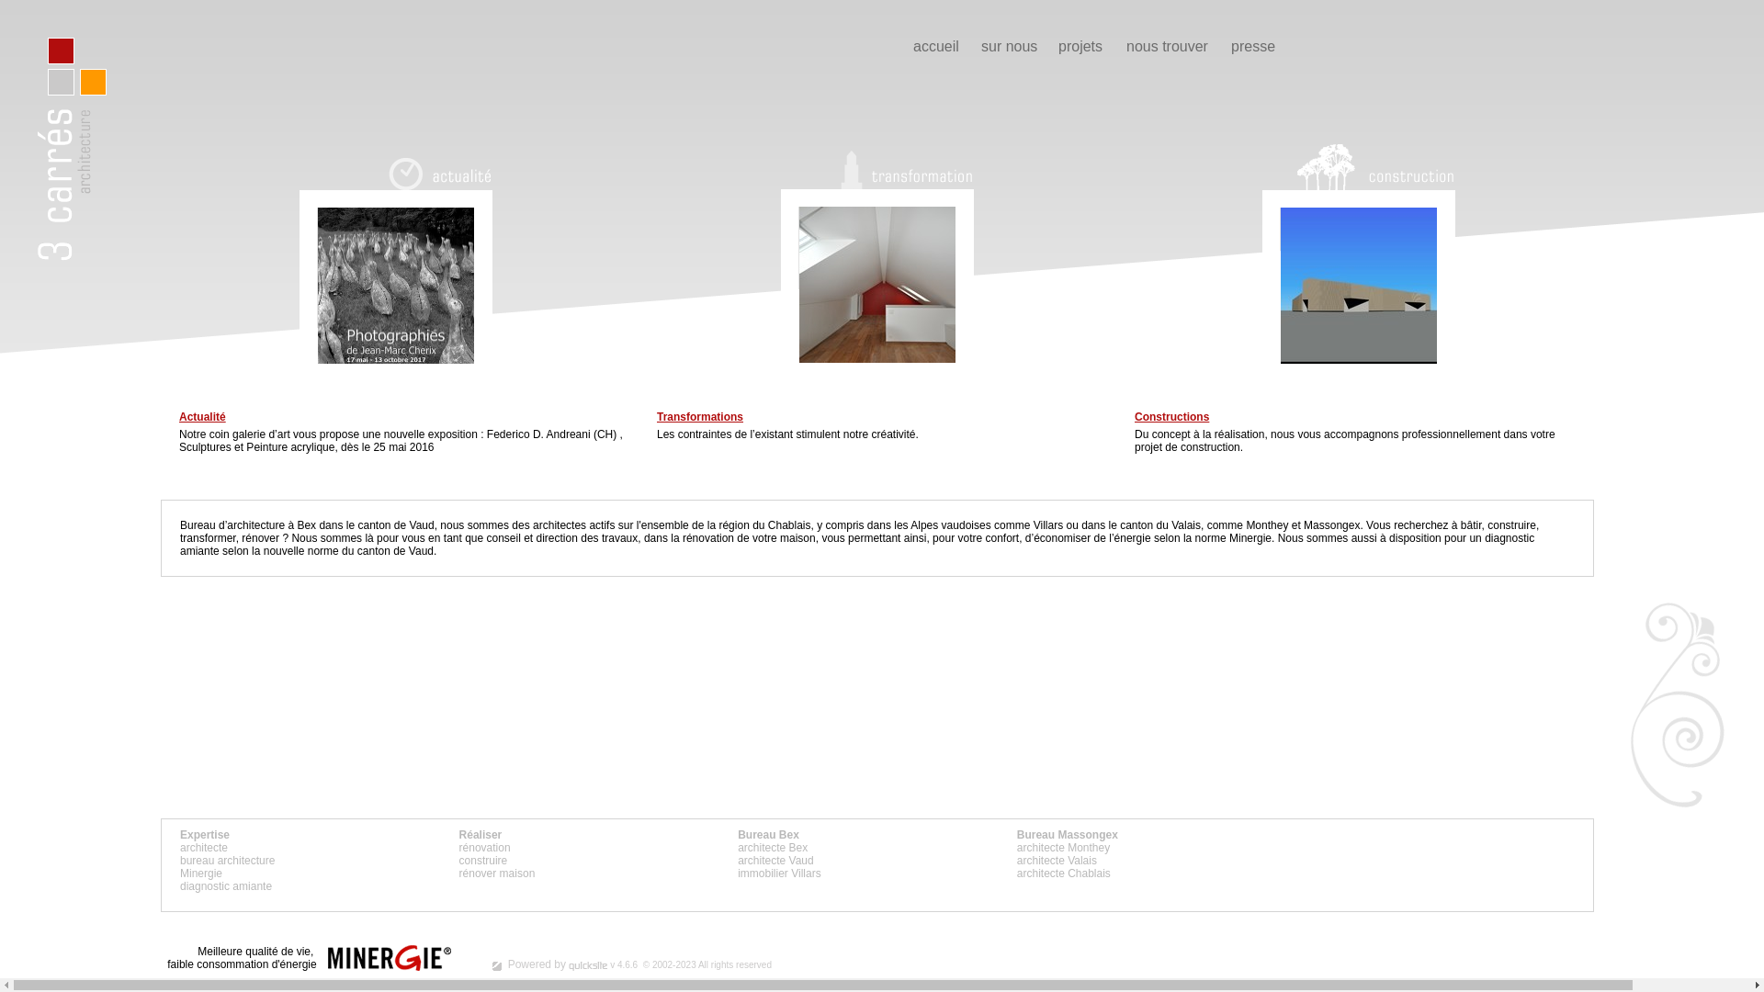 The height and width of the screenshot is (992, 1764). What do you see at coordinates (1170, 417) in the screenshot?
I see `'Constructions'` at bounding box center [1170, 417].